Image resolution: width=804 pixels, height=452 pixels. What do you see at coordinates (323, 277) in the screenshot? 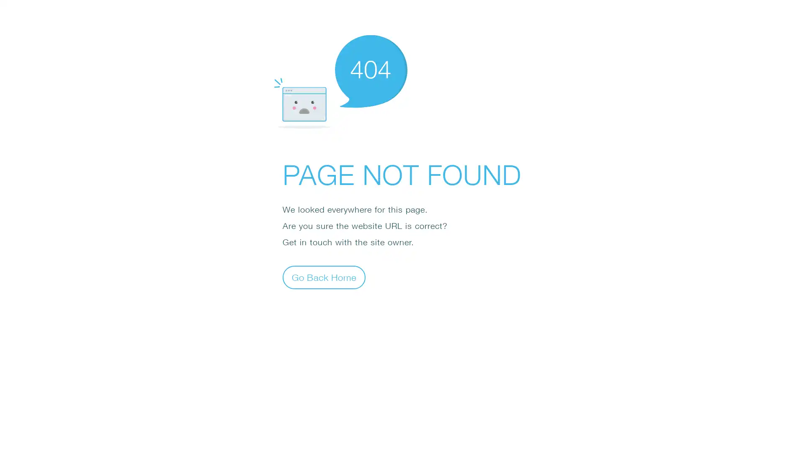
I see `Go Back Home` at bounding box center [323, 277].